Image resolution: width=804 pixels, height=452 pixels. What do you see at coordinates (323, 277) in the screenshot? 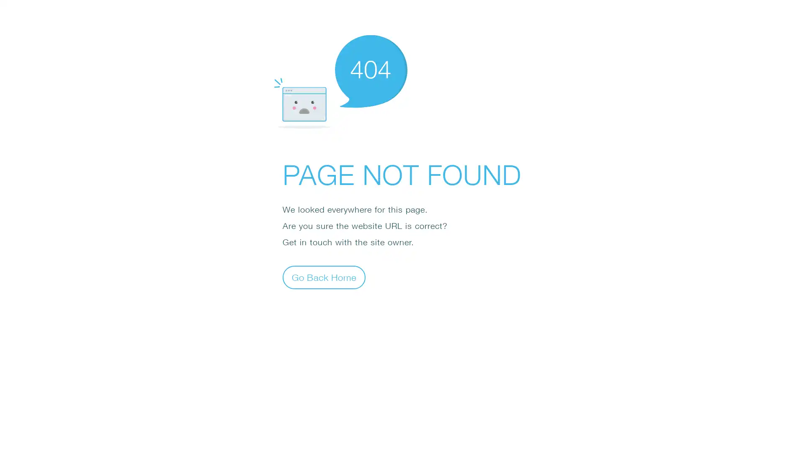
I see `Go Back Home` at bounding box center [323, 277].